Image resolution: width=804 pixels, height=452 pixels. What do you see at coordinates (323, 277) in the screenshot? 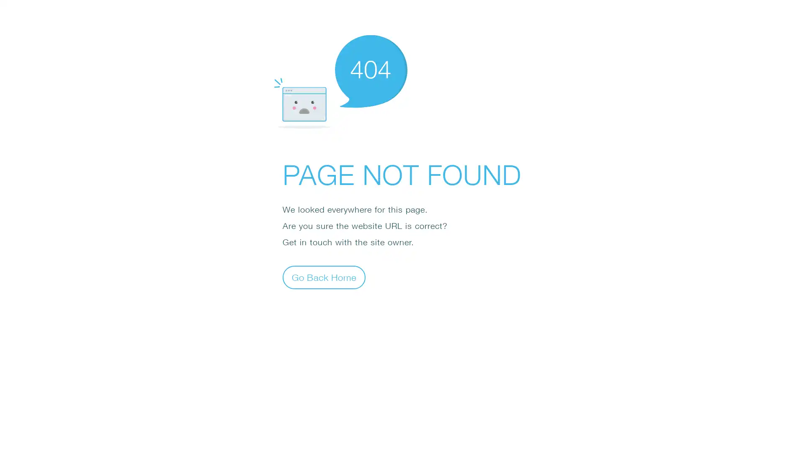
I see `Go Back Home` at bounding box center [323, 277].